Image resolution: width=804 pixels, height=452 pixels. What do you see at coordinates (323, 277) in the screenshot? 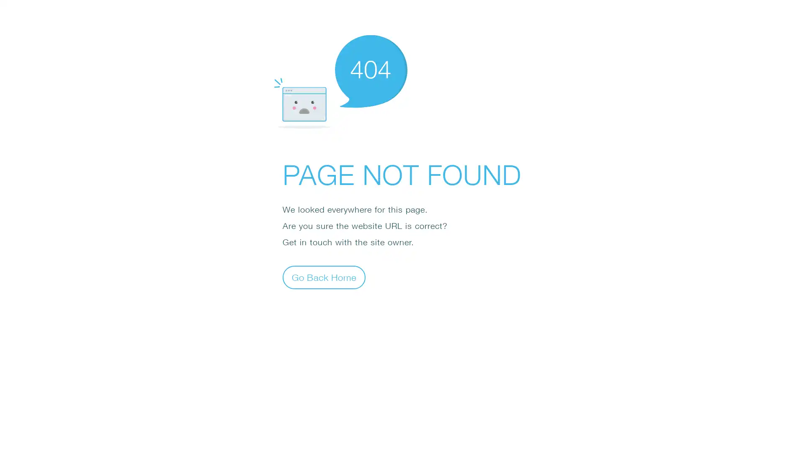
I see `Go Back Home` at bounding box center [323, 277].